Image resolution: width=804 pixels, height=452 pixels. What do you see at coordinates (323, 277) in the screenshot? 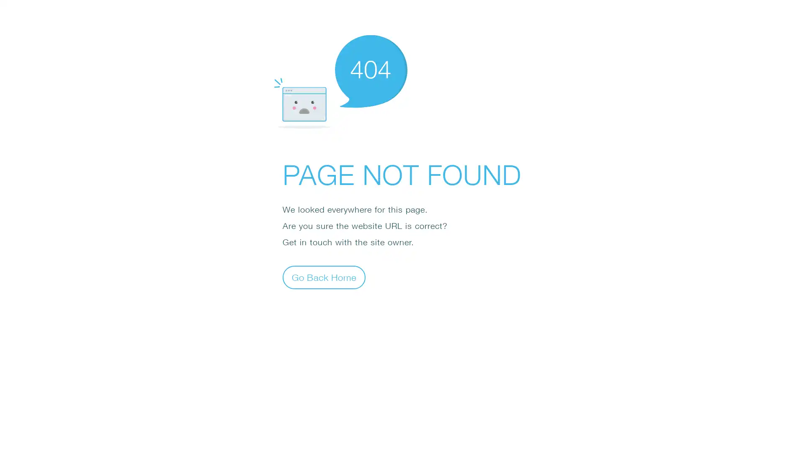
I see `Go Back Home` at bounding box center [323, 277].